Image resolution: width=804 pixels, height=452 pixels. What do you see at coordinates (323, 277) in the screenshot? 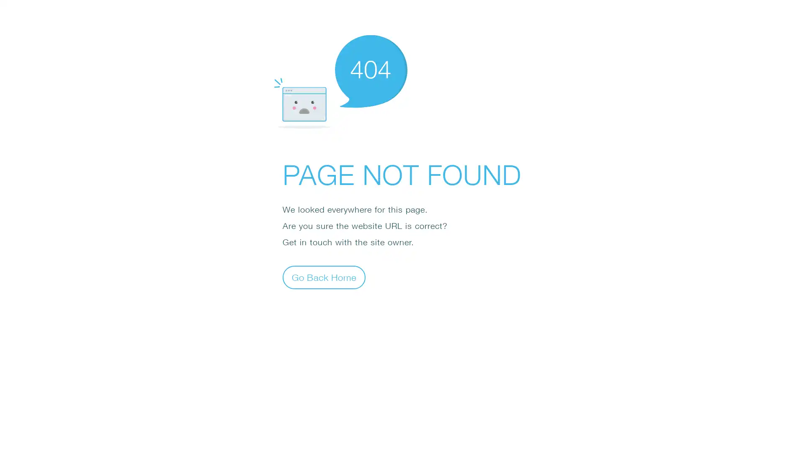
I see `Go Back Home` at bounding box center [323, 277].